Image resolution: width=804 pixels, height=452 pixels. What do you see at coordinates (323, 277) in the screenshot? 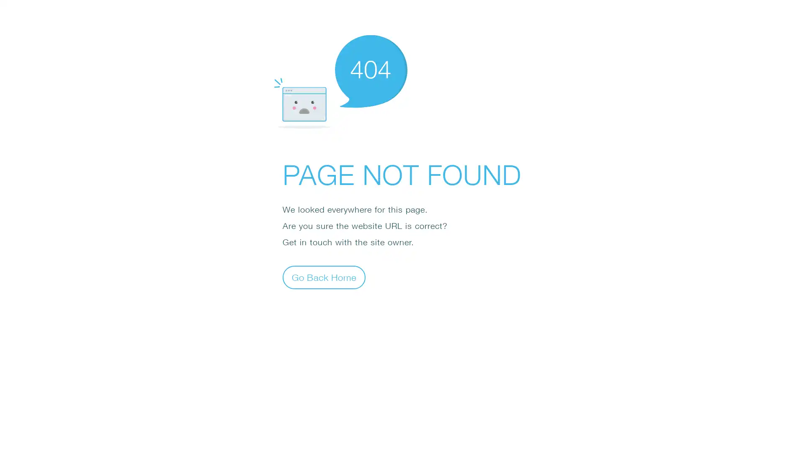
I see `Go Back Home` at bounding box center [323, 277].